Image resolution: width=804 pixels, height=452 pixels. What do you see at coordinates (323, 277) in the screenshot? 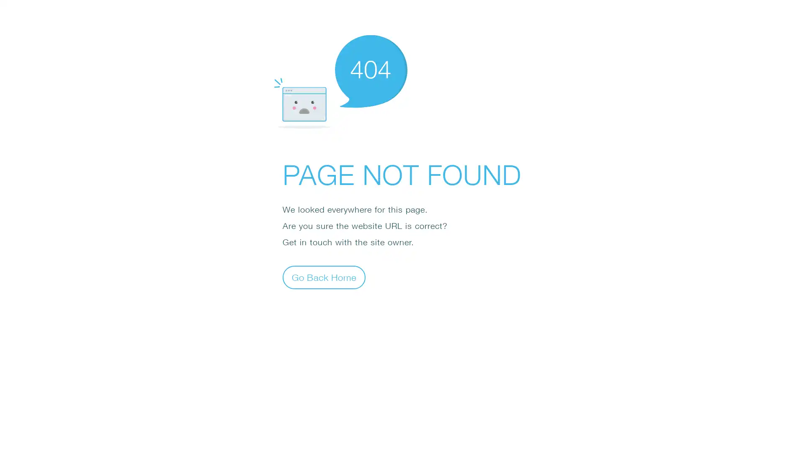
I see `Go Back Home` at bounding box center [323, 277].